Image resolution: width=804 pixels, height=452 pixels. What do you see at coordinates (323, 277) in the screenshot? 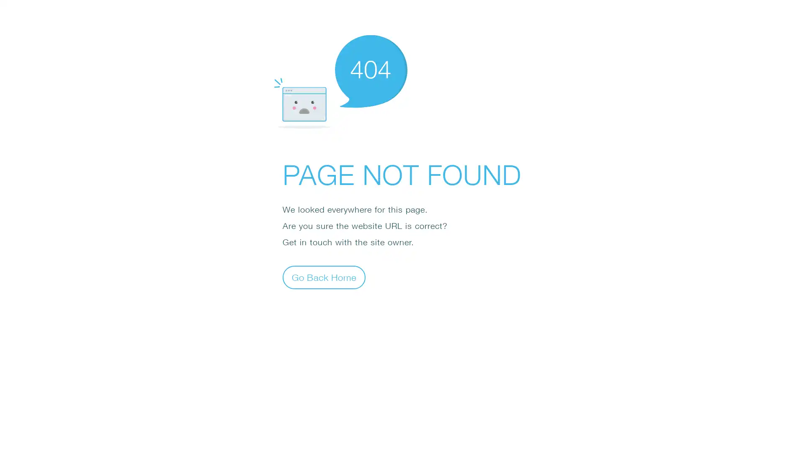
I see `Go Back Home` at bounding box center [323, 277].